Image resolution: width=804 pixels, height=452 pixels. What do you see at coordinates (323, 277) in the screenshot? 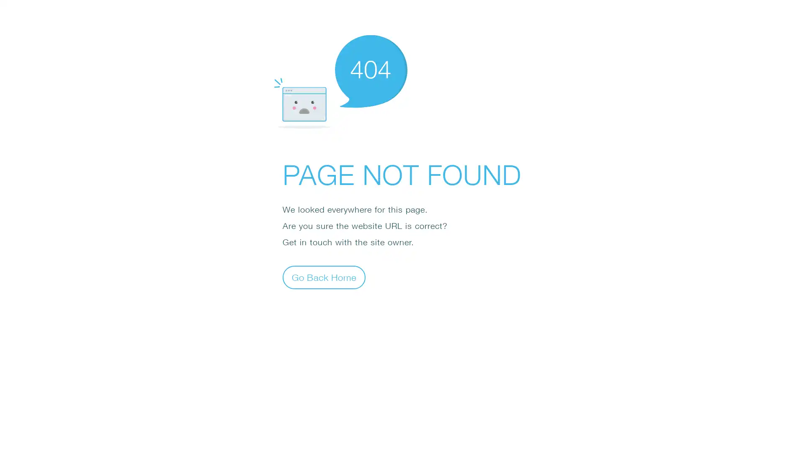
I see `Go Back Home` at bounding box center [323, 277].